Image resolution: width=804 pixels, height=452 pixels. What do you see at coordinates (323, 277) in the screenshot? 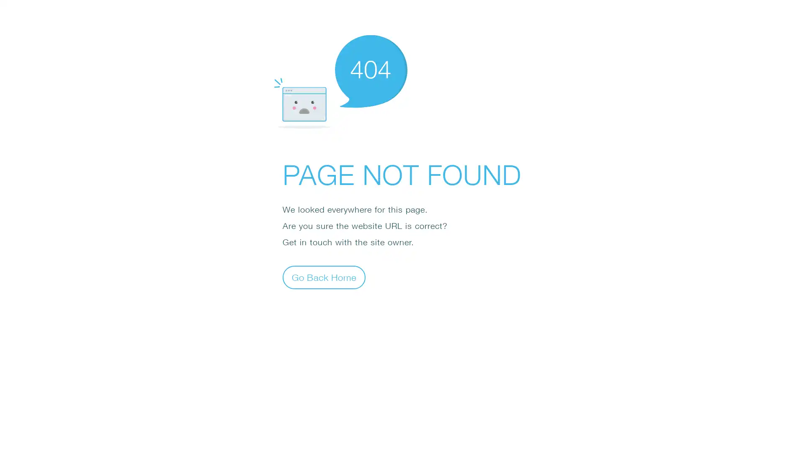
I see `Go Back Home` at bounding box center [323, 277].